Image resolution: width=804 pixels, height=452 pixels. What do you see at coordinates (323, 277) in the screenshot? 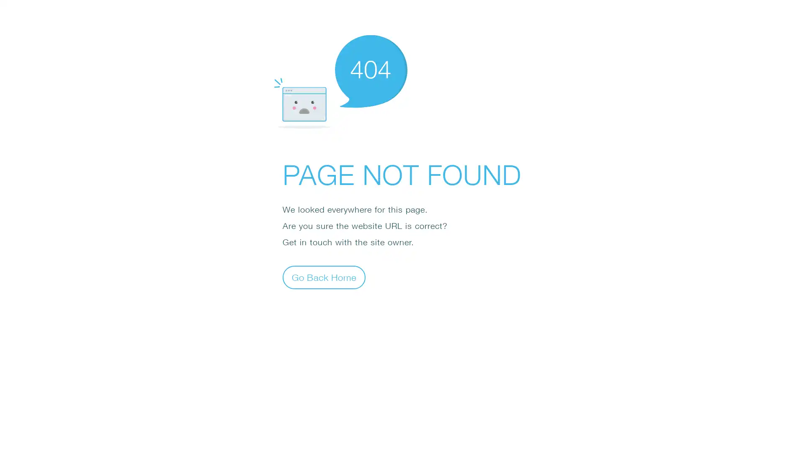
I see `Go Back Home` at bounding box center [323, 277].